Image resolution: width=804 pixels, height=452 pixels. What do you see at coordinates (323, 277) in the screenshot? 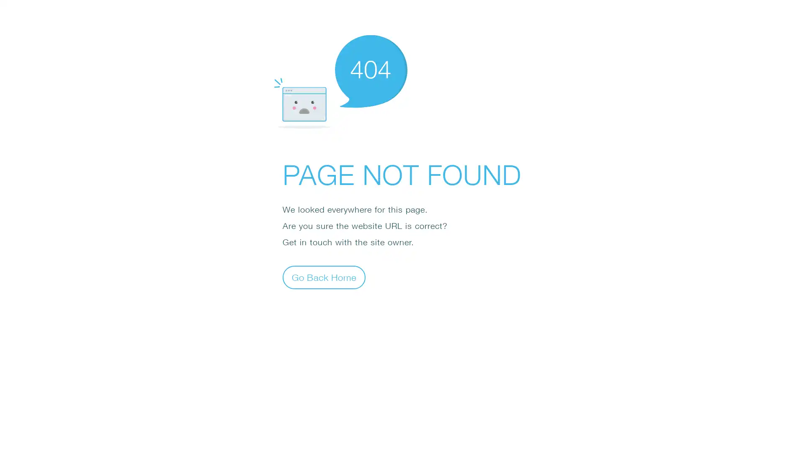
I see `Go Back Home` at bounding box center [323, 277].